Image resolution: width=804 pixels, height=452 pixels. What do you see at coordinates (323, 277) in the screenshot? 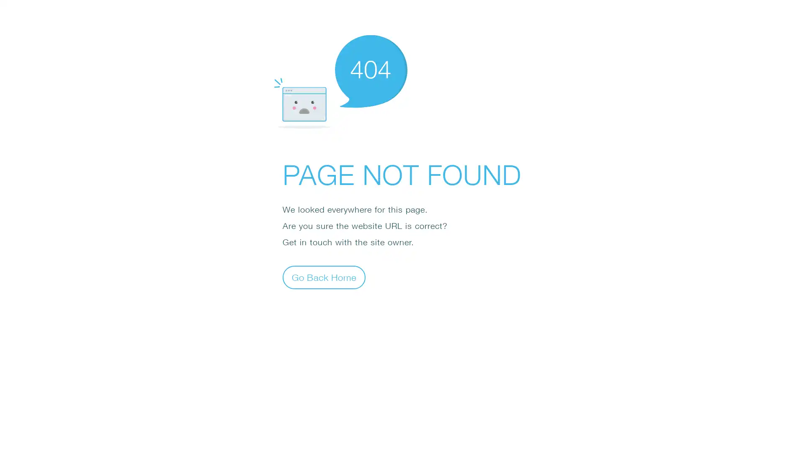
I see `Go Back Home` at bounding box center [323, 277].